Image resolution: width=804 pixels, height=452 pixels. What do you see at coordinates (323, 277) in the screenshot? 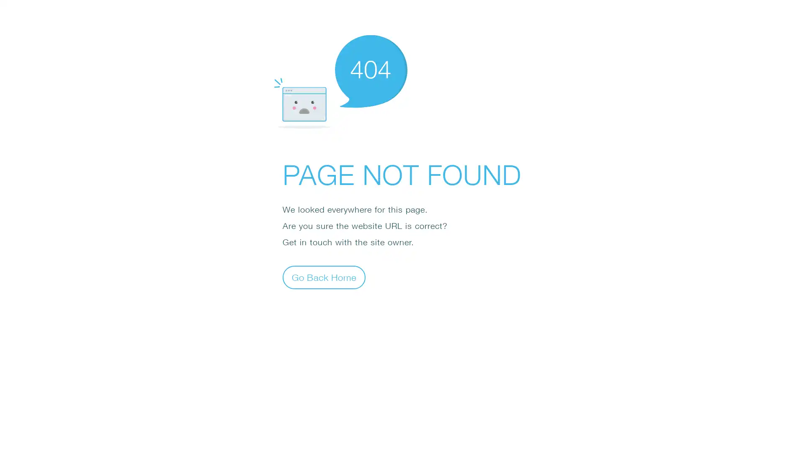
I see `Go Back Home` at bounding box center [323, 277].